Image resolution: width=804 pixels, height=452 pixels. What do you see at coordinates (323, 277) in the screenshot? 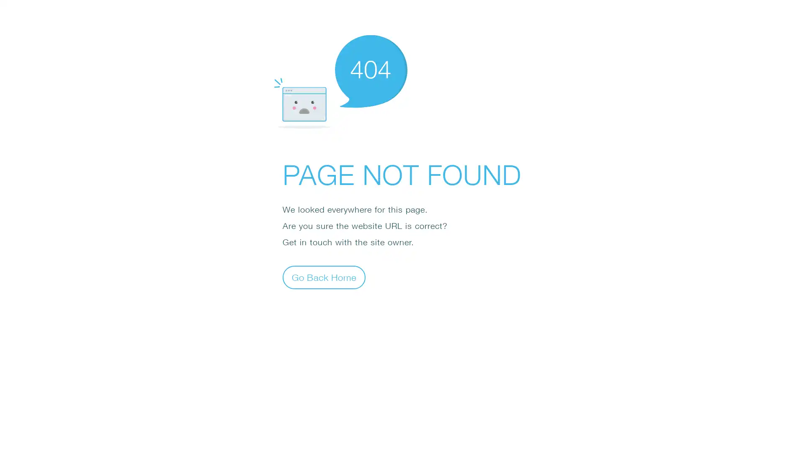
I see `Go Back Home` at bounding box center [323, 277].